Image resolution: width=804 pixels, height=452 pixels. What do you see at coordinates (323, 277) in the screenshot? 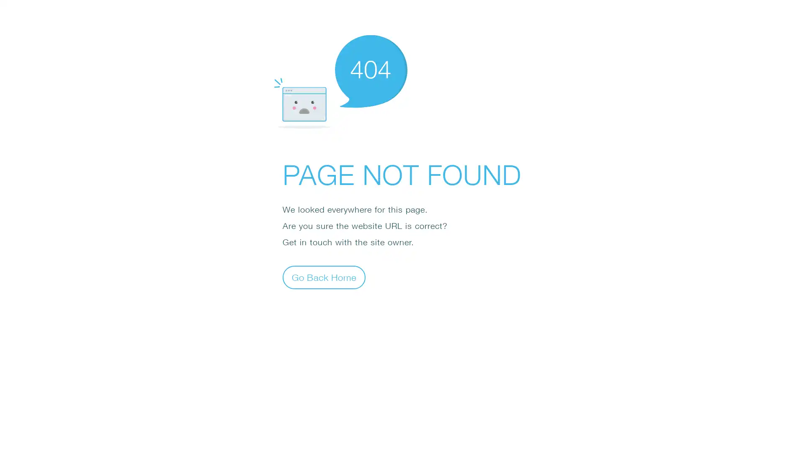
I see `Go Back Home` at bounding box center [323, 277].